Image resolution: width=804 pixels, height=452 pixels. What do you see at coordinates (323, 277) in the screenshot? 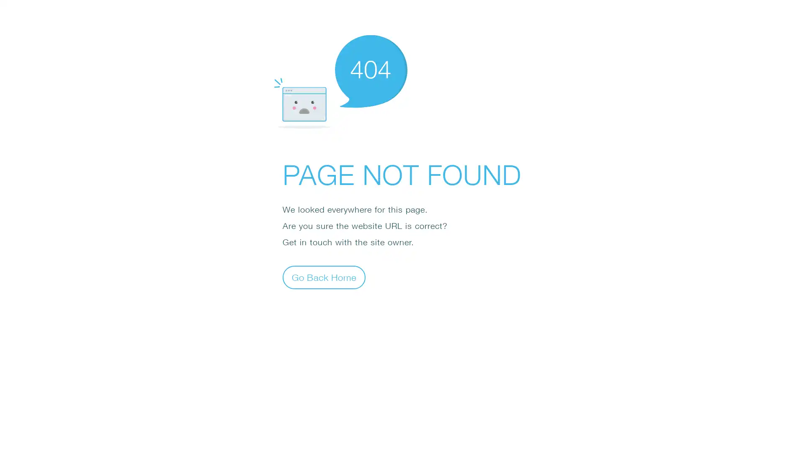
I see `Go Back Home` at bounding box center [323, 277].